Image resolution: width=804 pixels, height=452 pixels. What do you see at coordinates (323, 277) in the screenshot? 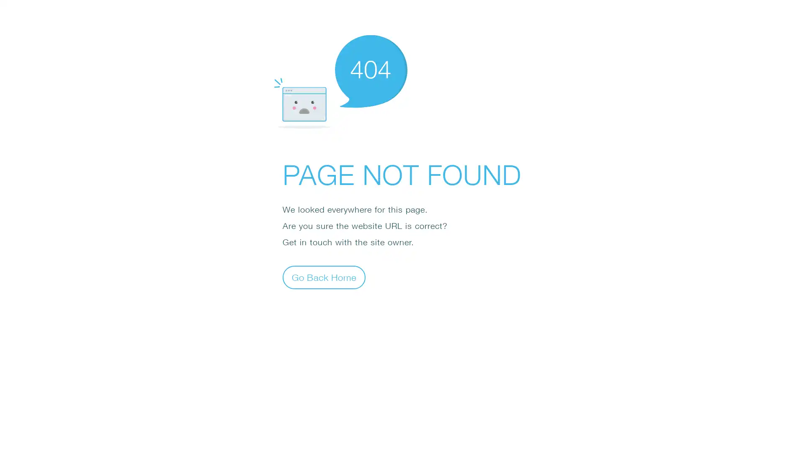
I see `Go Back Home` at bounding box center [323, 277].